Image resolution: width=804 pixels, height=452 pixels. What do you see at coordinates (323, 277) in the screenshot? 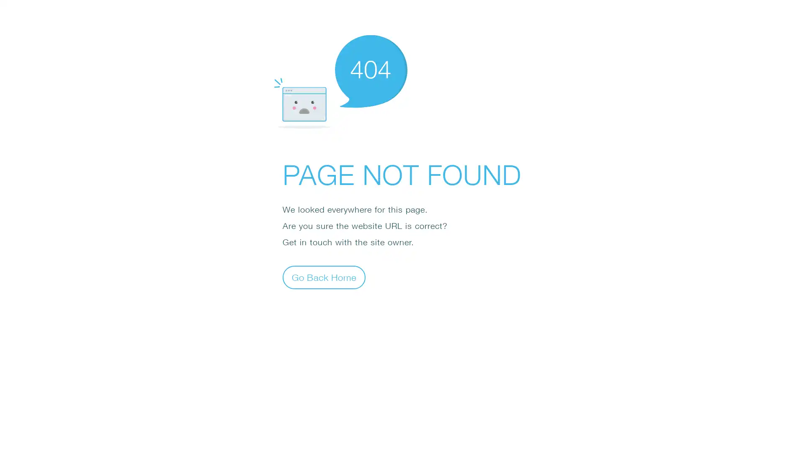
I see `Go Back Home` at bounding box center [323, 277].